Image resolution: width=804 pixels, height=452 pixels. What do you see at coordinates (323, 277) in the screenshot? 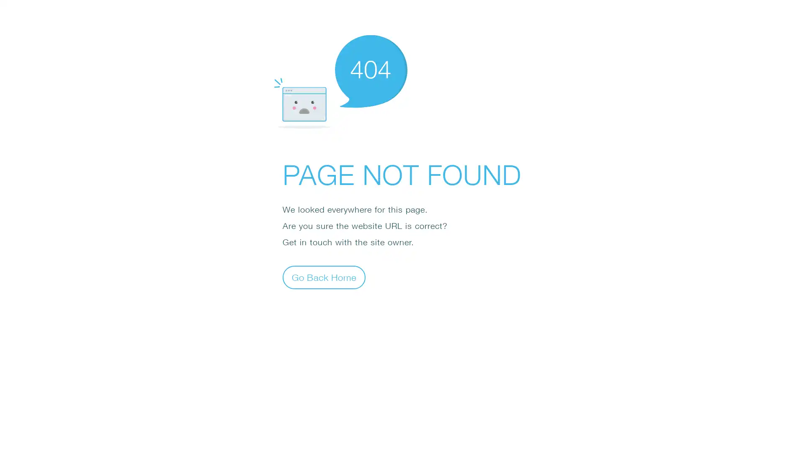
I see `Go Back Home` at bounding box center [323, 277].